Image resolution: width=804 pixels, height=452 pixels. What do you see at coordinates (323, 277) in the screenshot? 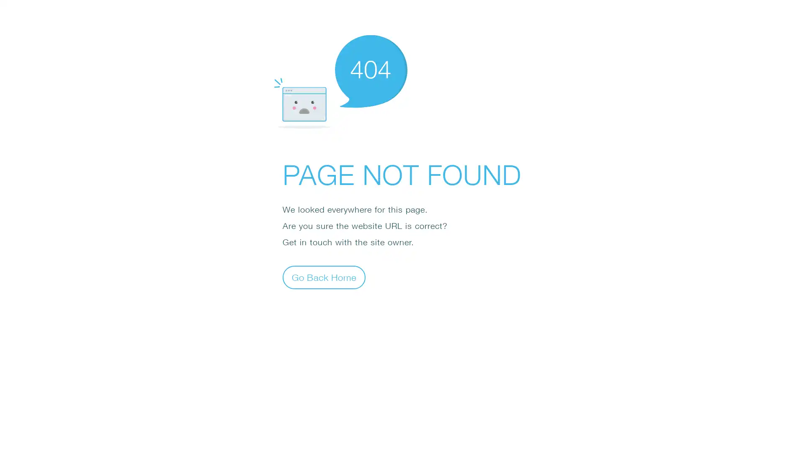
I see `Go Back Home` at bounding box center [323, 277].